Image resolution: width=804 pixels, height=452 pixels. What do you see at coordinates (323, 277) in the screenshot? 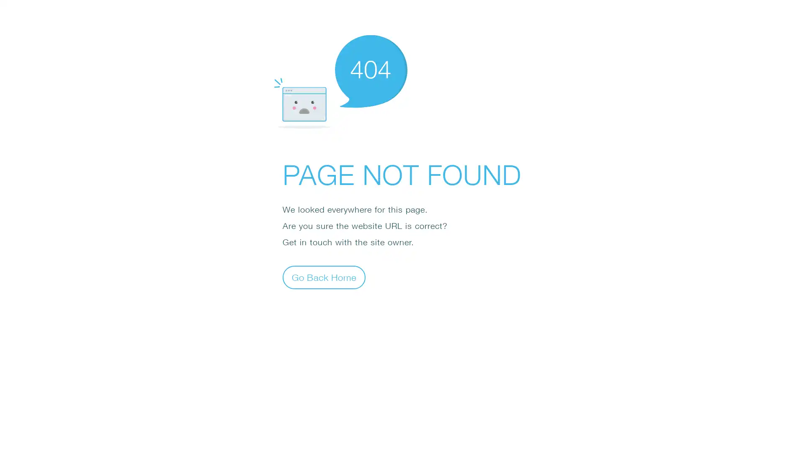
I see `Go Back Home` at bounding box center [323, 277].